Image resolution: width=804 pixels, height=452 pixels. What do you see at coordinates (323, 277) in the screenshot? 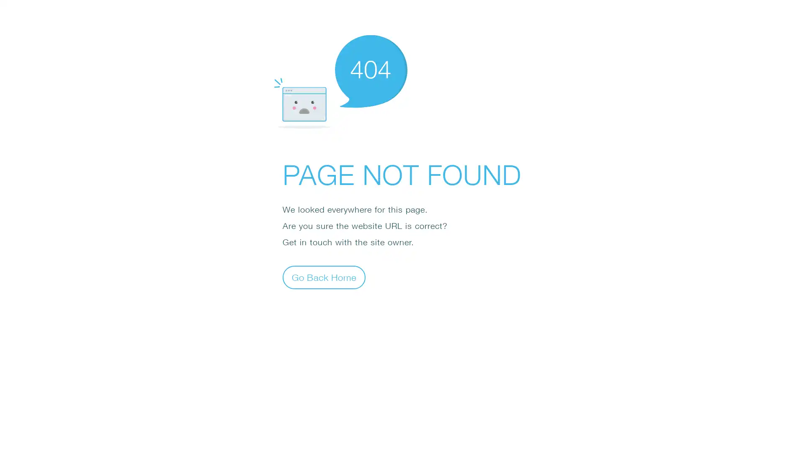
I see `Go Back Home` at bounding box center [323, 277].